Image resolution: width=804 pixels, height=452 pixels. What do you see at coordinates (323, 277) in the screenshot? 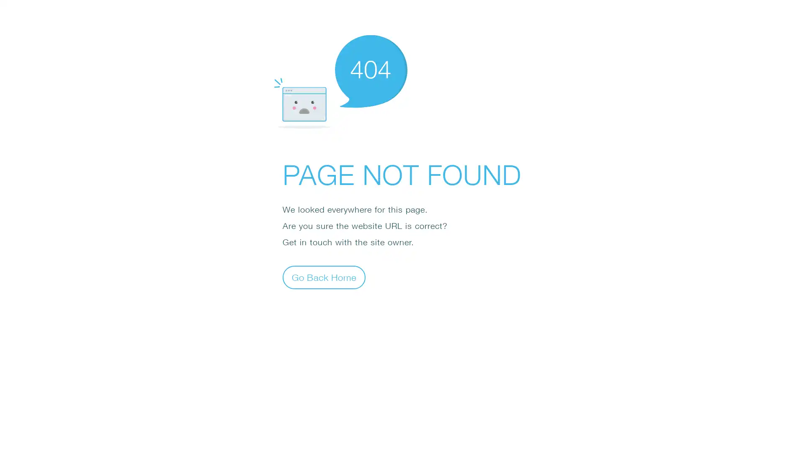
I see `Go Back Home` at bounding box center [323, 277].